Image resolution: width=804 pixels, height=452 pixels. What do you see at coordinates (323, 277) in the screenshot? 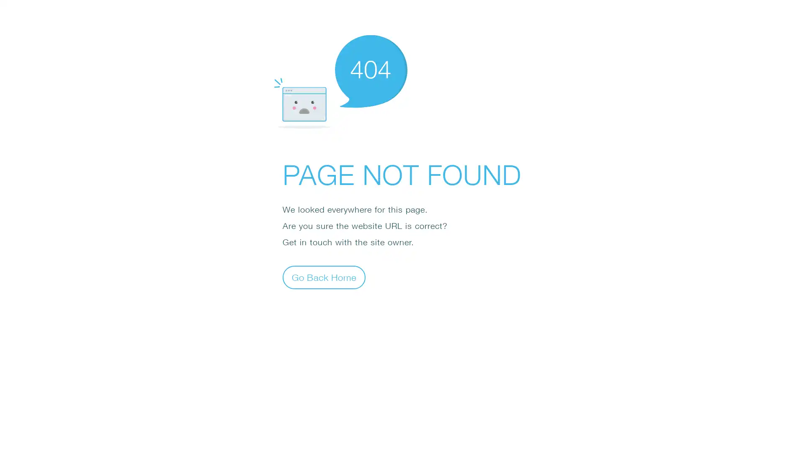
I see `Go Back Home` at bounding box center [323, 277].